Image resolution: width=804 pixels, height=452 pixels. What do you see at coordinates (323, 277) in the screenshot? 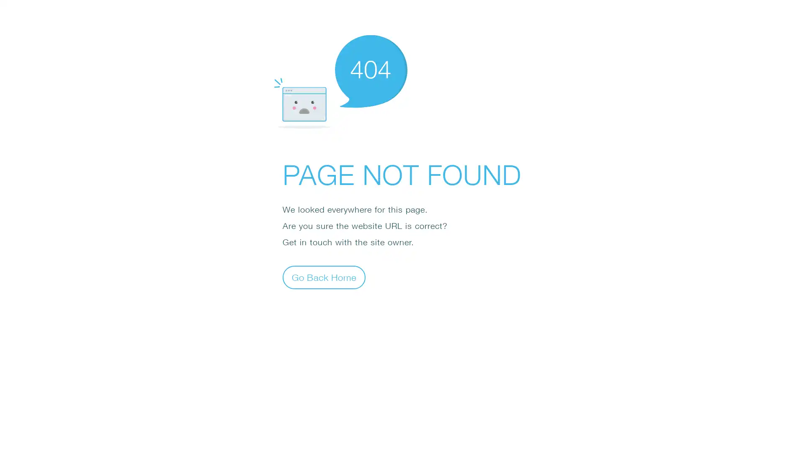
I see `Go Back Home` at bounding box center [323, 277].